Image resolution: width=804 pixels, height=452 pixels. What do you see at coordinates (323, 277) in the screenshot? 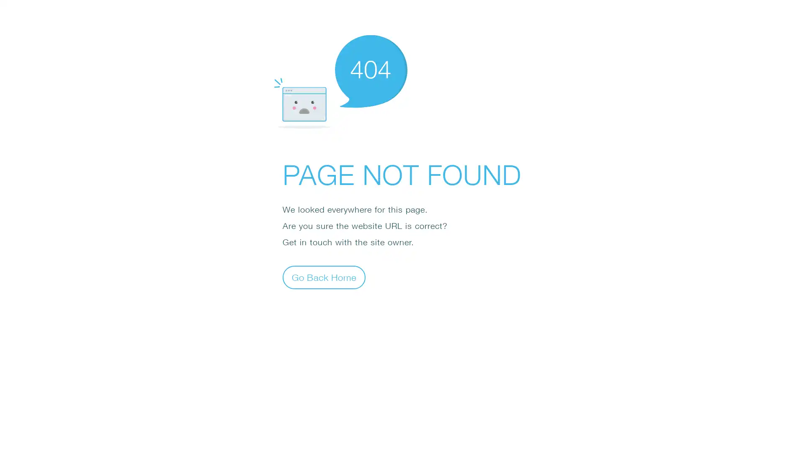
I see `Go Back Home` at bounding box center [323, 277].